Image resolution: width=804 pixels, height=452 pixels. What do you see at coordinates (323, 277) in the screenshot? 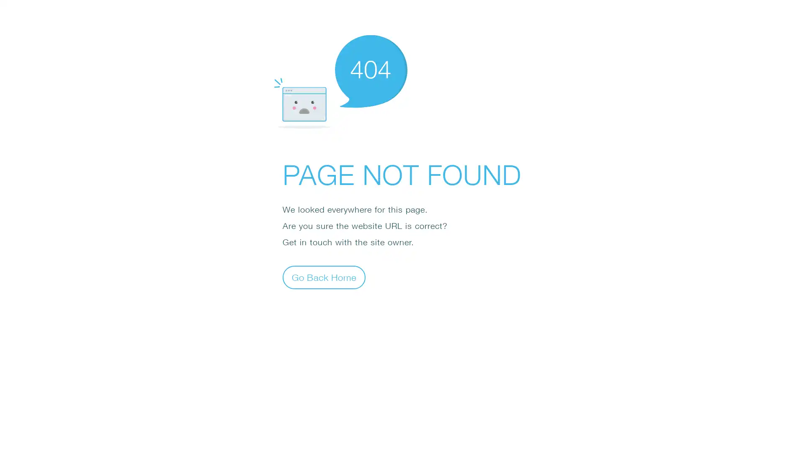
I see `Go Back Home` at bounding box center [323, 277].